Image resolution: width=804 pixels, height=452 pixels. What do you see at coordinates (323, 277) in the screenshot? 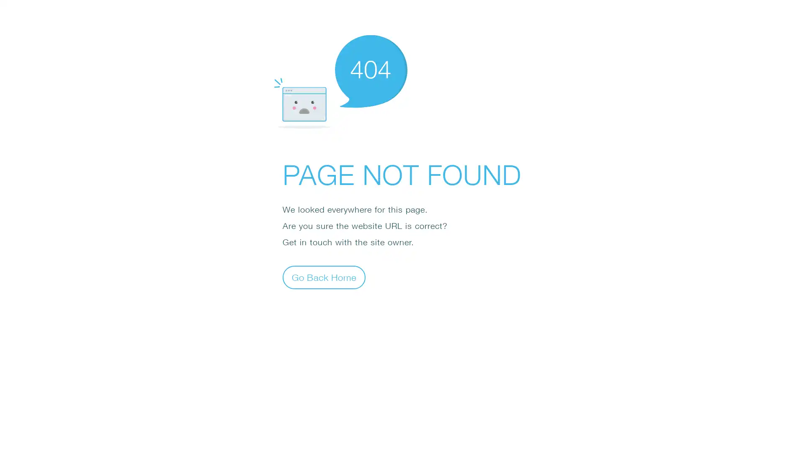
I see `Go Back Home` at bounding box center [323, 277].